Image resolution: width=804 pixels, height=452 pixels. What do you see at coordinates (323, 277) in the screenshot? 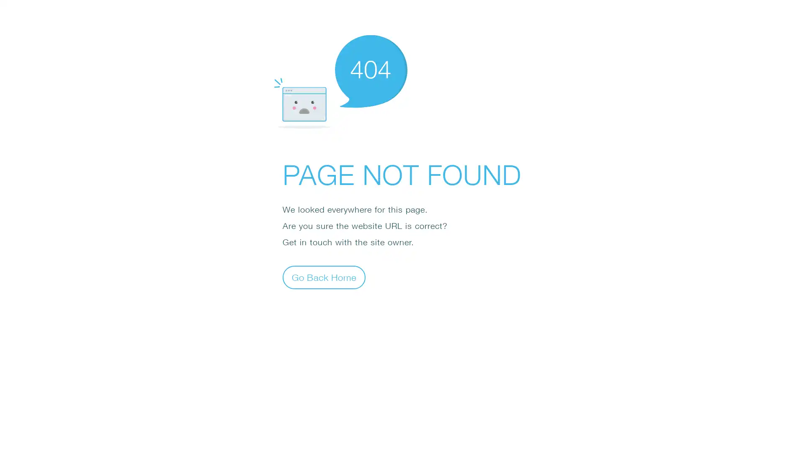
I see `Go Back Home` at bounding box center [323, 277].